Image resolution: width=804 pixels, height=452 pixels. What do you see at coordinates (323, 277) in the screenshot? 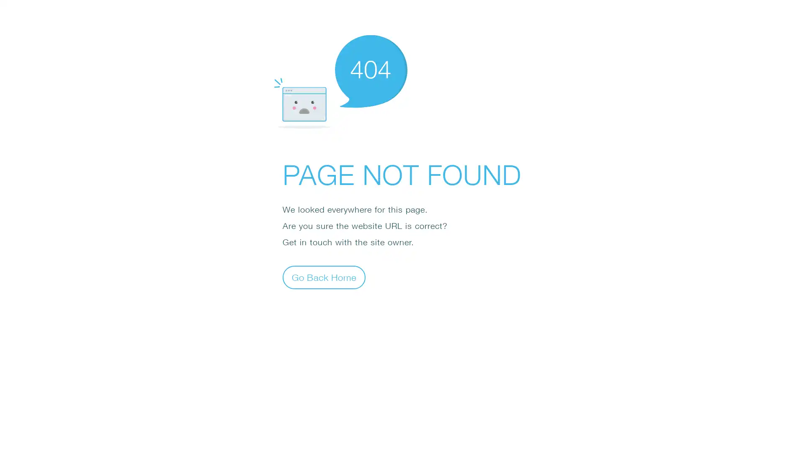
I see `Go Back Home` at bounding box center [323, 277].